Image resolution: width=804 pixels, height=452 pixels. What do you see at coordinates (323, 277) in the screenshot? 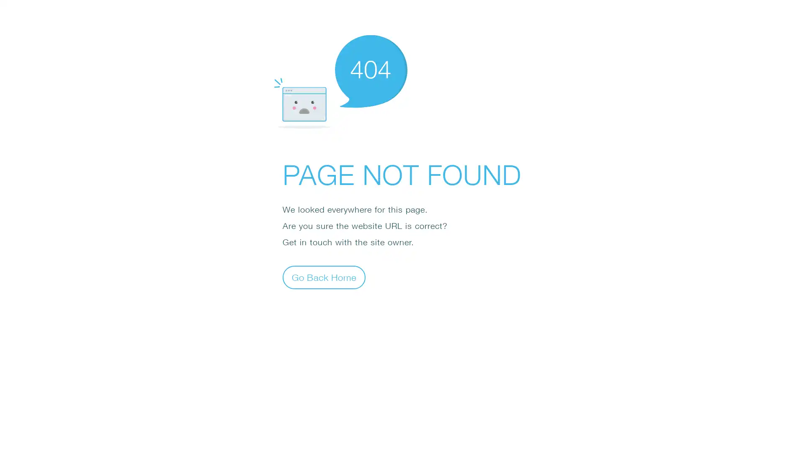
I see `Go Back Home` at bounding box center [323, 277].